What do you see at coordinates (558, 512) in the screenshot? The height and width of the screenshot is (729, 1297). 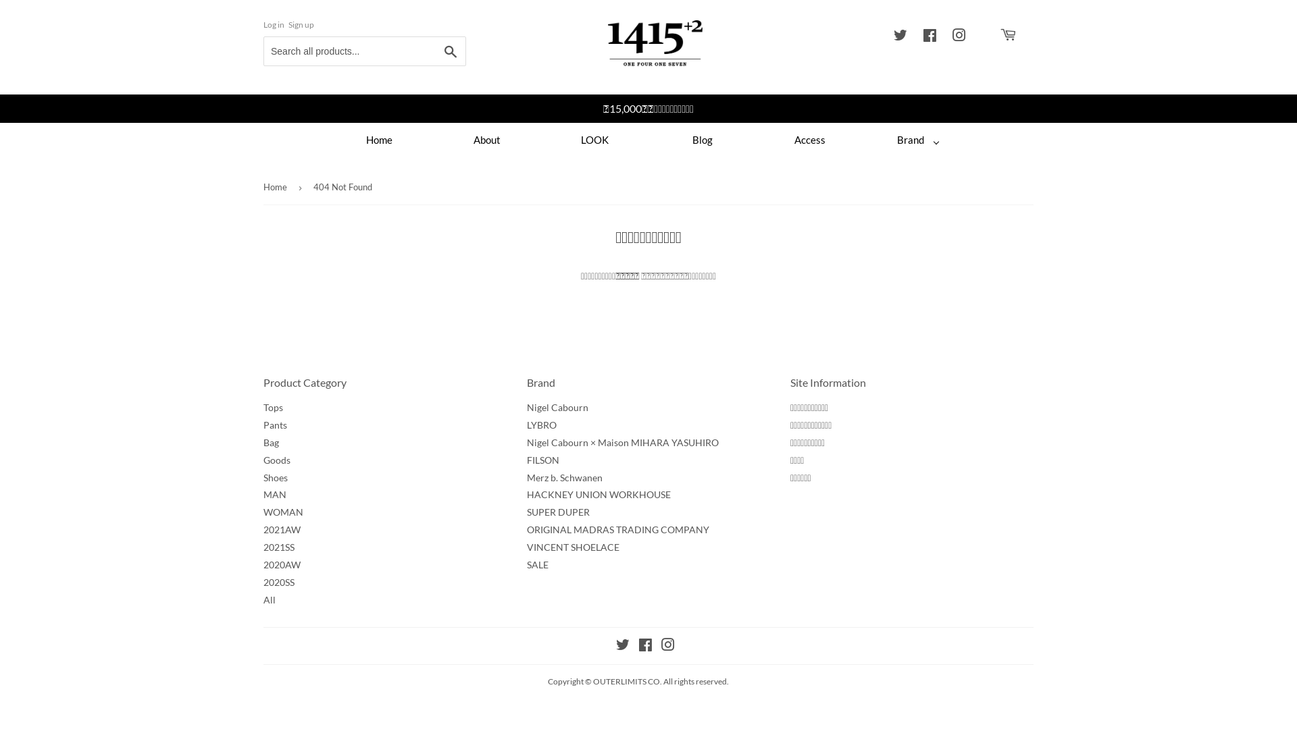 I see `'SUPER DUPER'` at bounding box center [558, 512].